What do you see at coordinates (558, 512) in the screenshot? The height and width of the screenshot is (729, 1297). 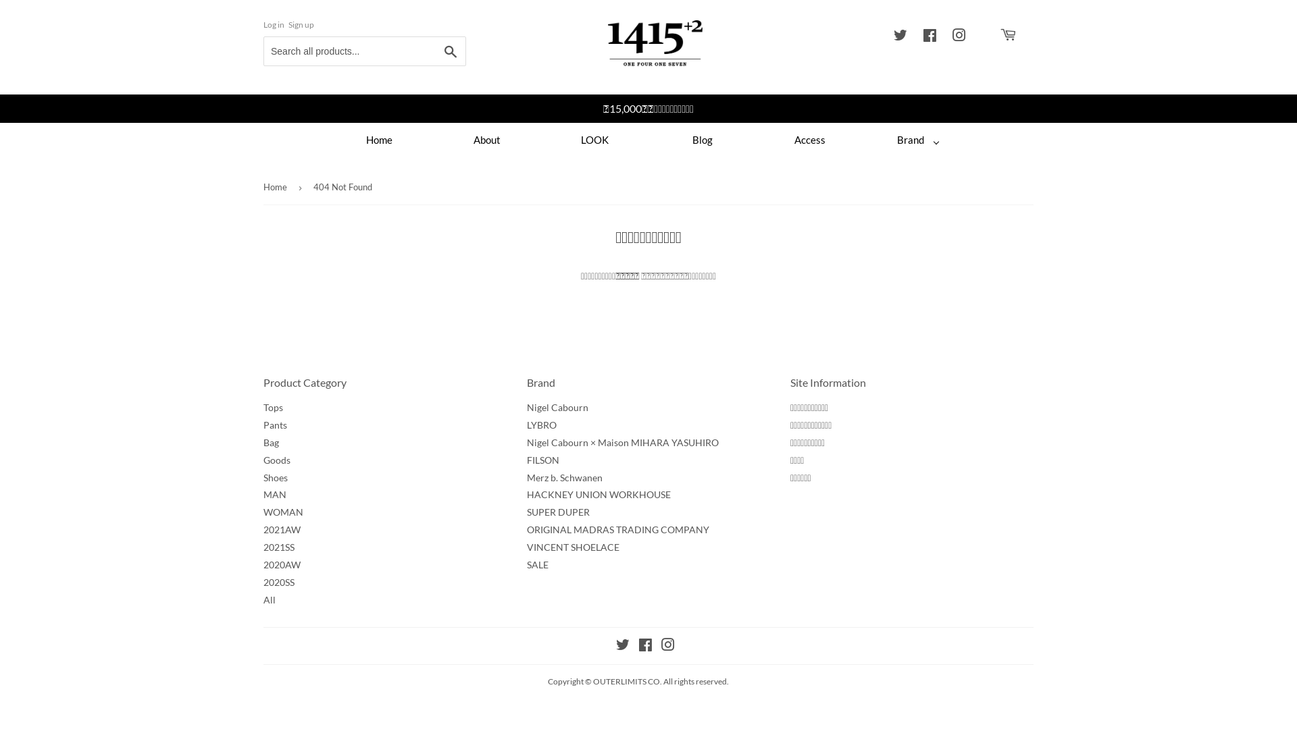 I see `'SUPER DUPER'` at bounding box center [558, 512].